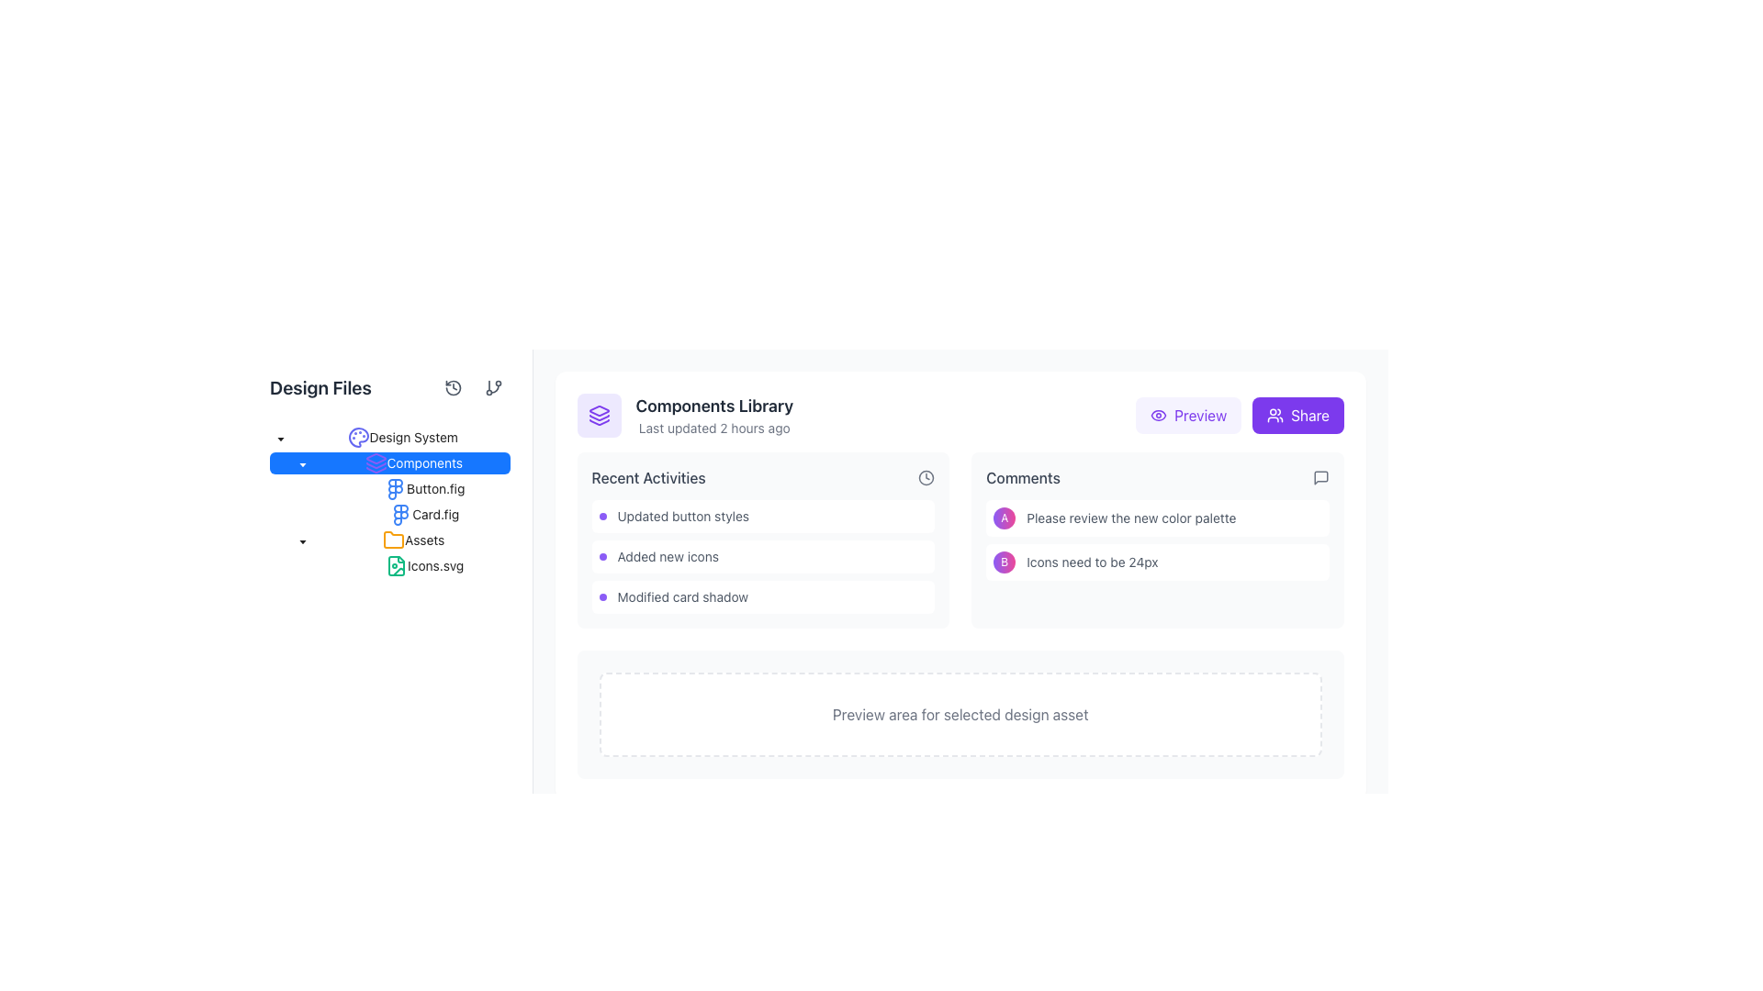 The height and width of the screenshot is (991, 1763). What do you see at coordinates (1320, 476) in the screenshot?
I see `the 'Message' icon` at bounding box center [1320, 476].